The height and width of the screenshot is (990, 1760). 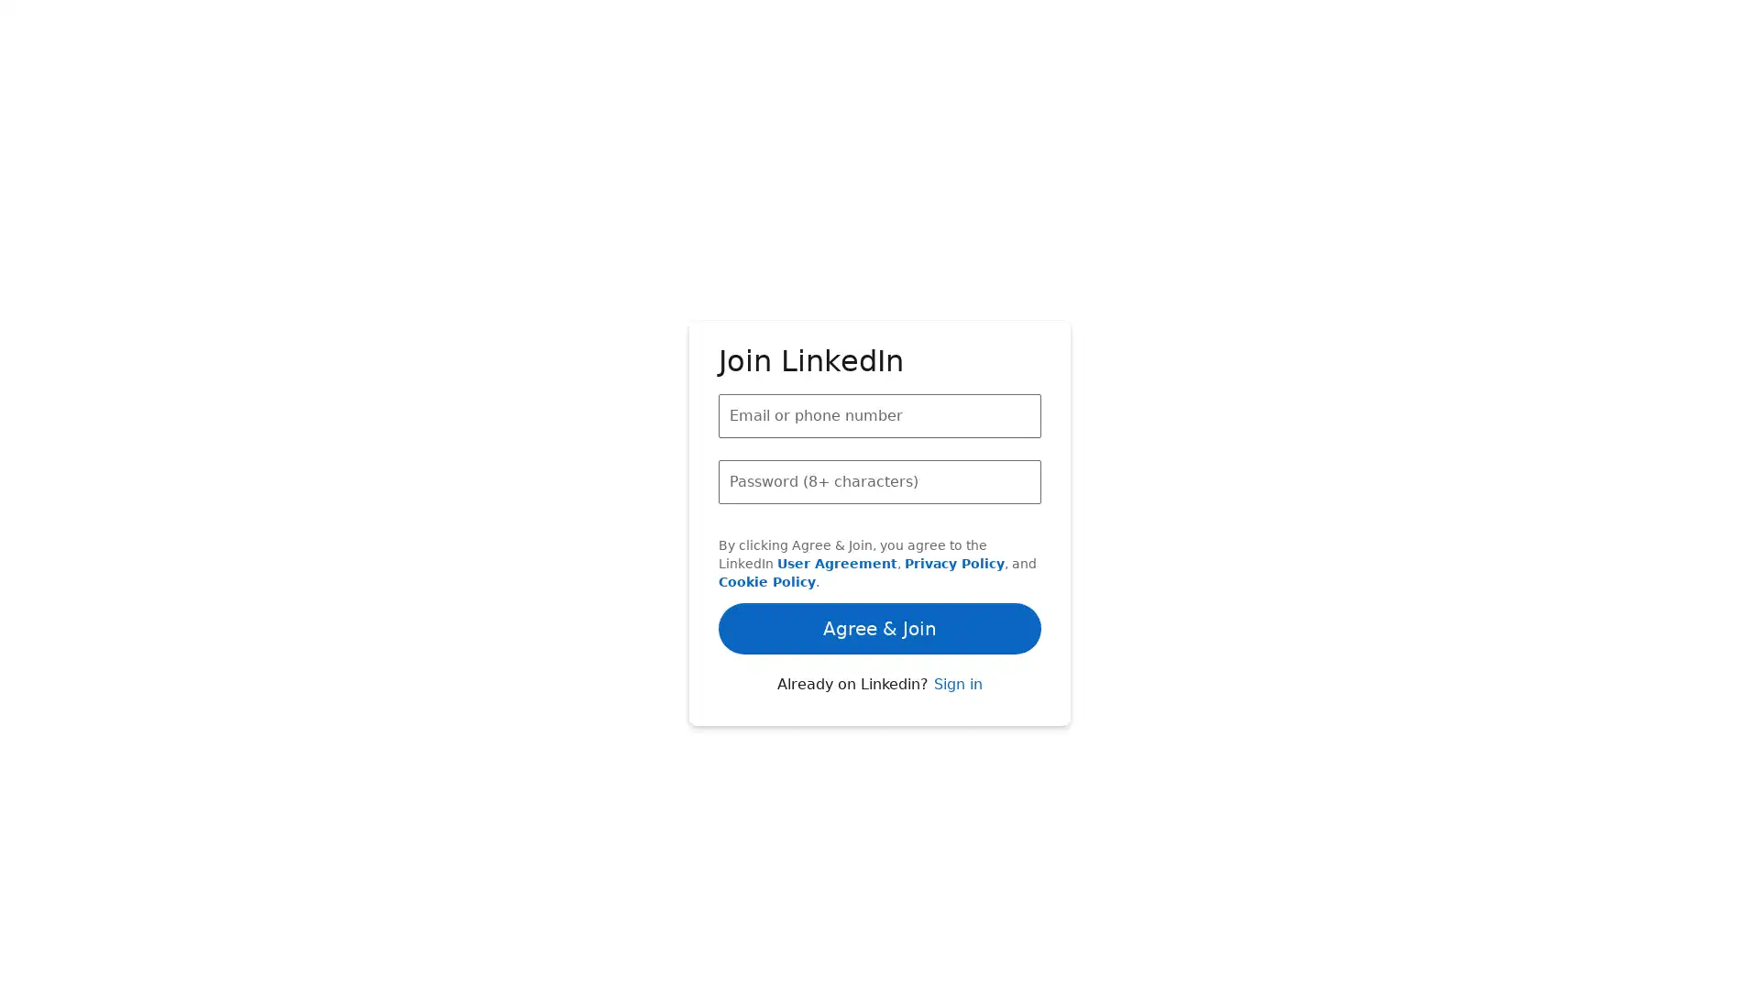 I want to click on Sign in, so click(x=956, y=702).